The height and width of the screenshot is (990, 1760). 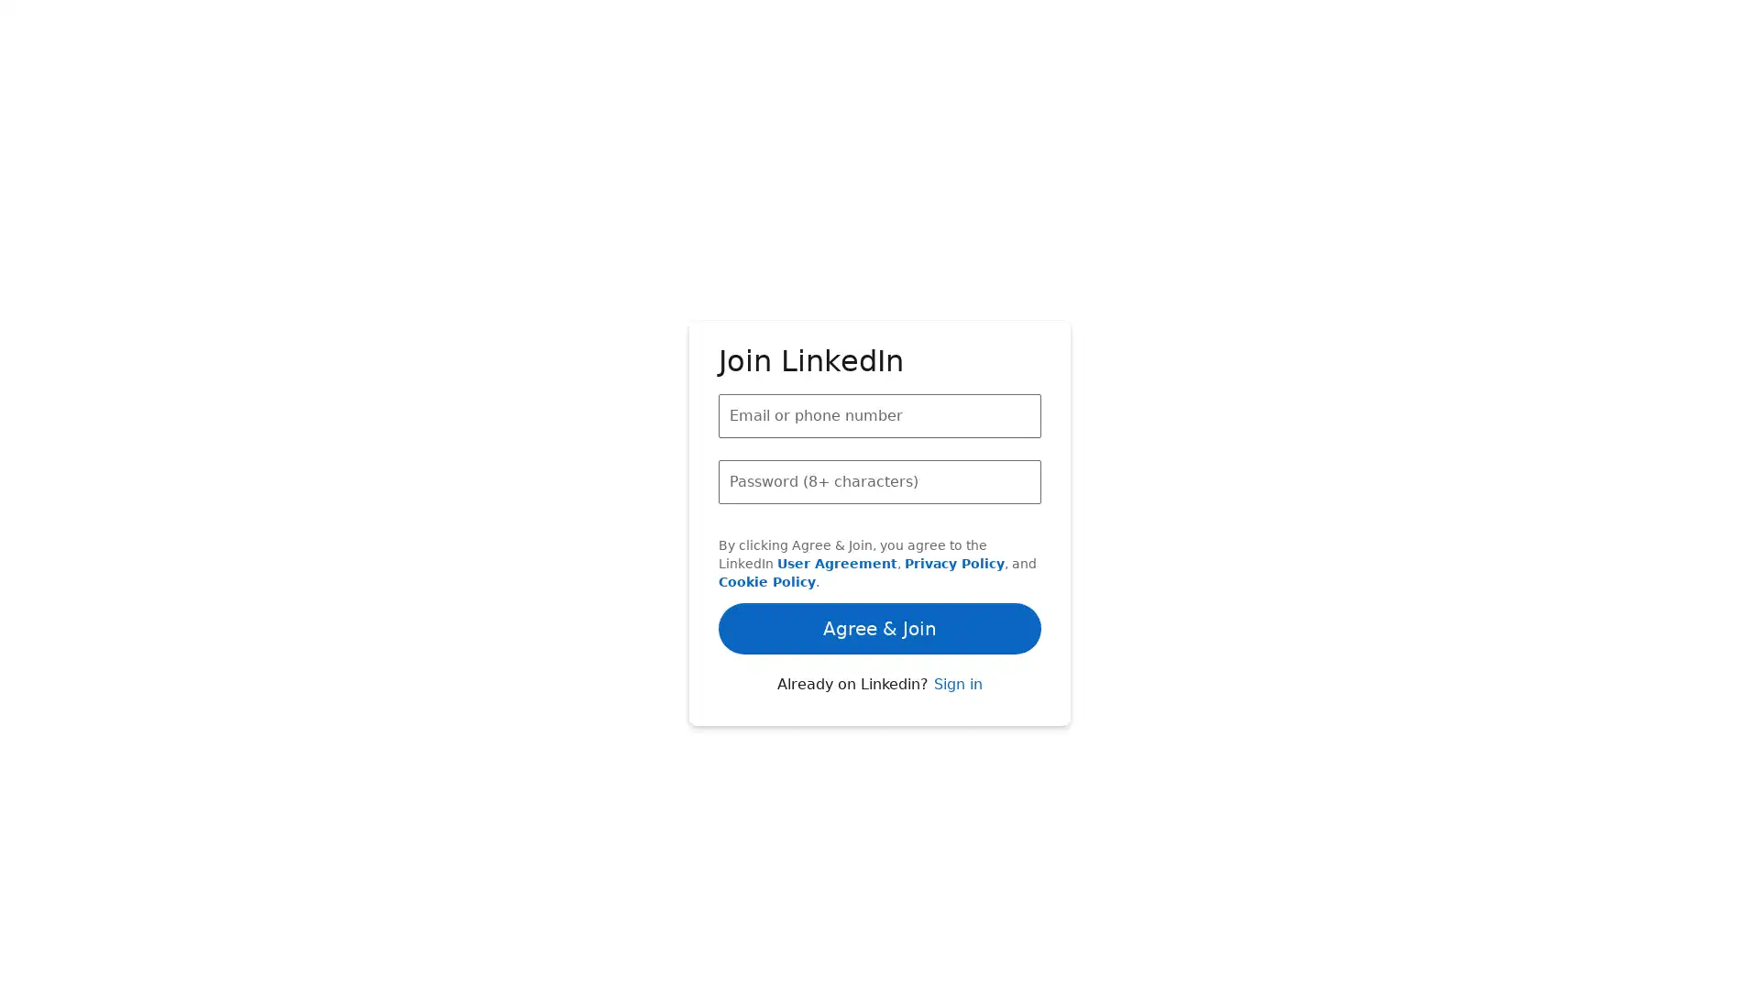 I want to click on Sign in, so click(x=956, y=702).